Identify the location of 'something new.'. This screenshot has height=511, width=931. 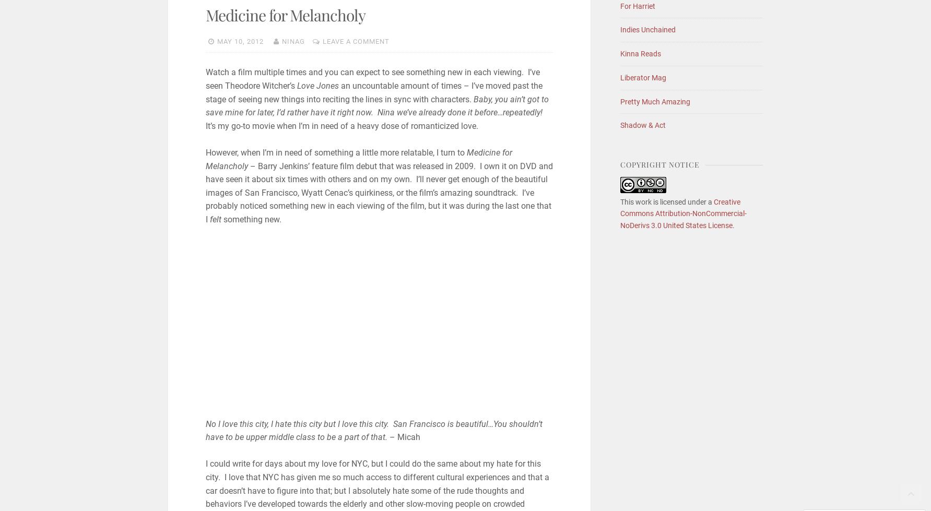
(251, 219).